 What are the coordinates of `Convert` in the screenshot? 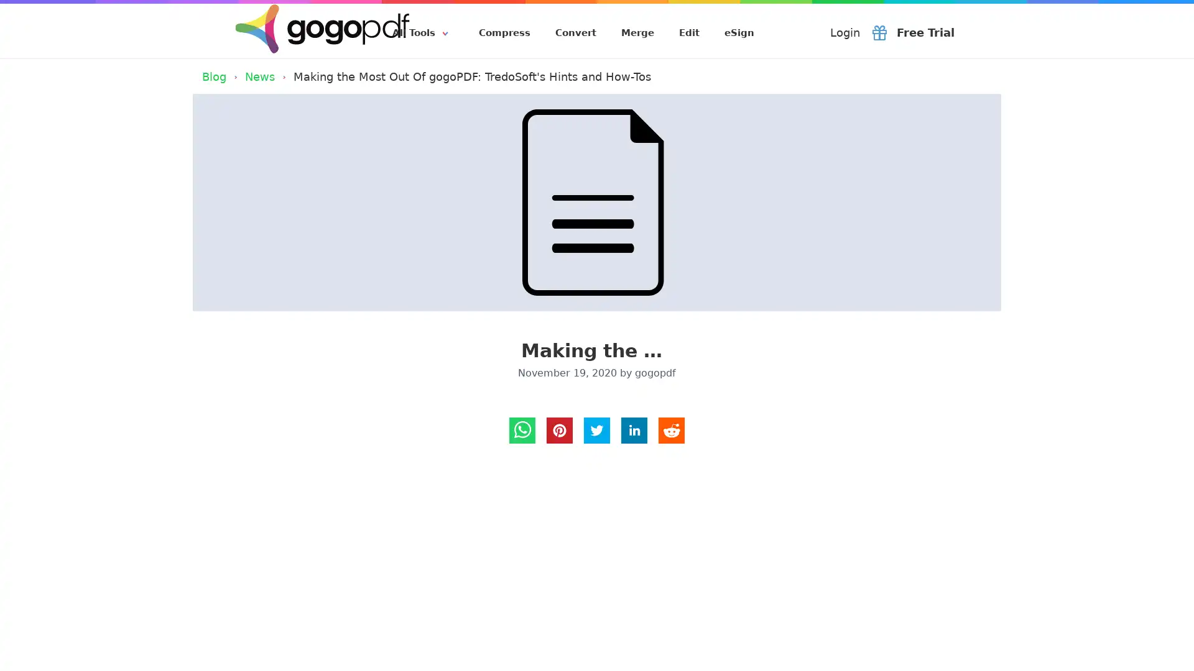 It's located at (575, 32).